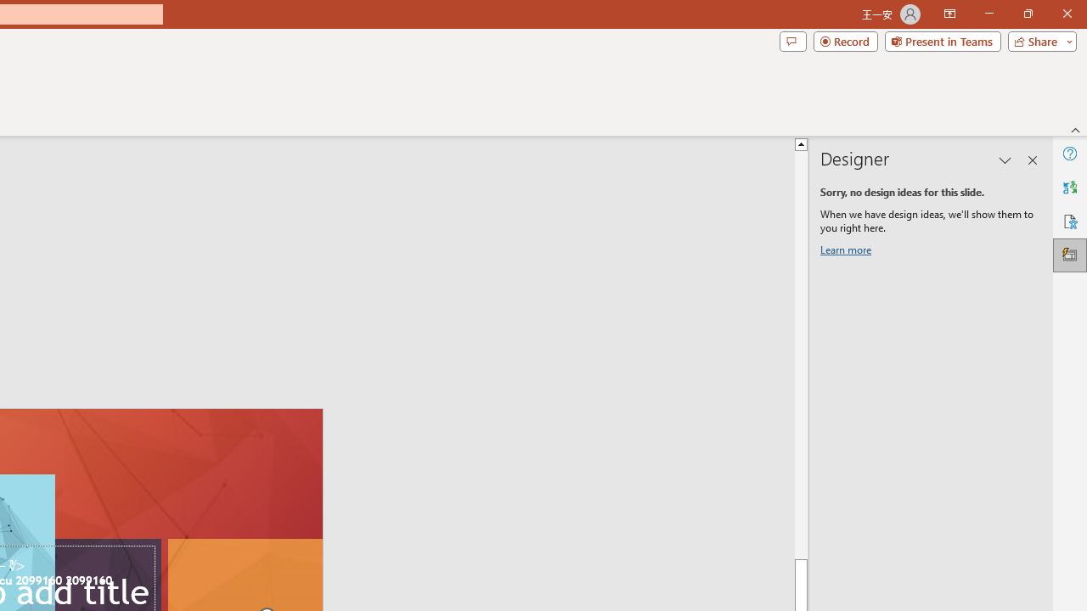 This screenshot has height=611, width=1087. I want to click on 'Close pane', so click(1032, 160).